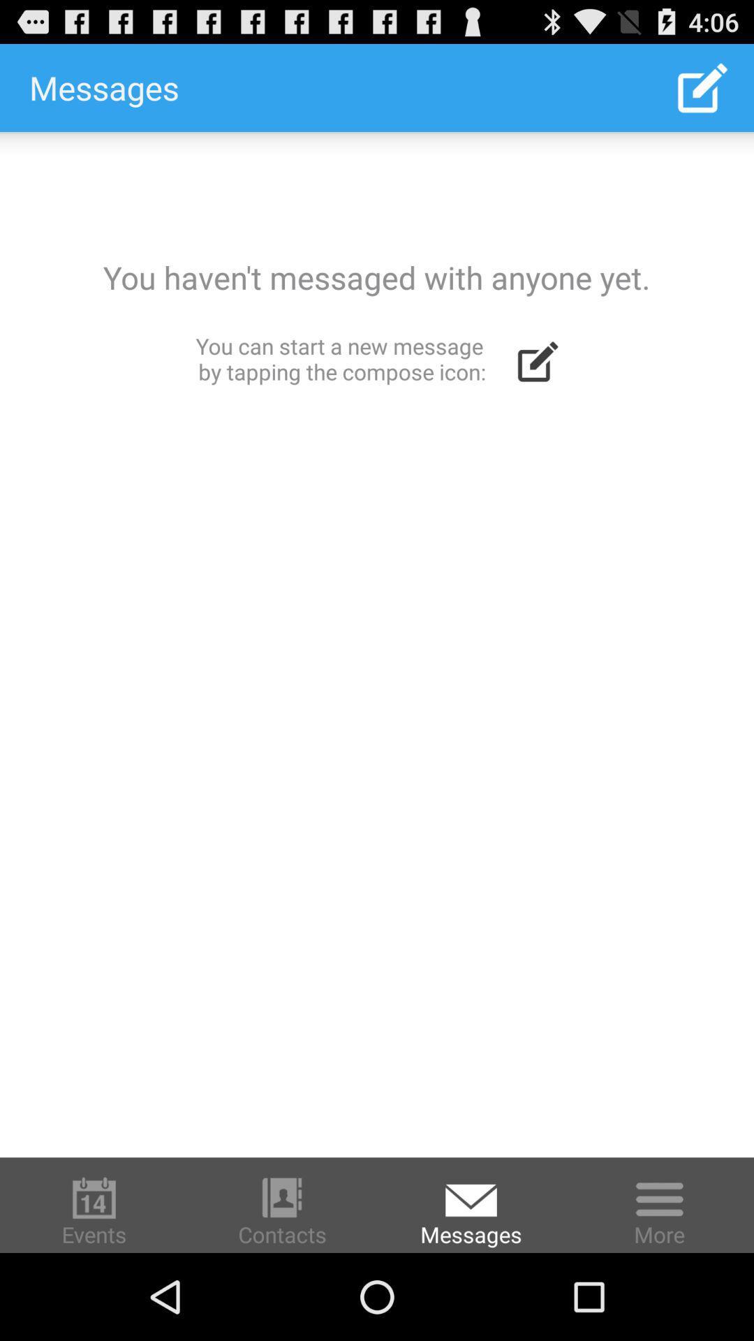 This screenshot has width=754, height=1341. What do you see at coordinates (377, 643) in the screenshot?
I see `empty message inbox` at bounding box center [377, 643].